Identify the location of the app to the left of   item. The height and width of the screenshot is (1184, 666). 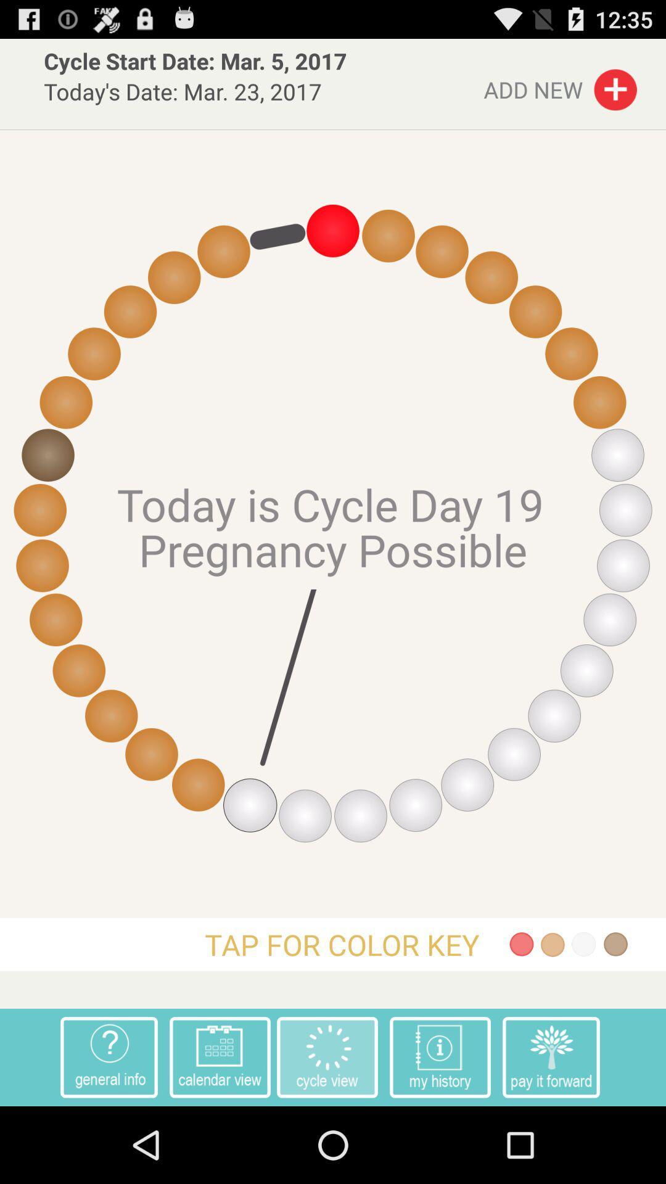
(551, 1056).